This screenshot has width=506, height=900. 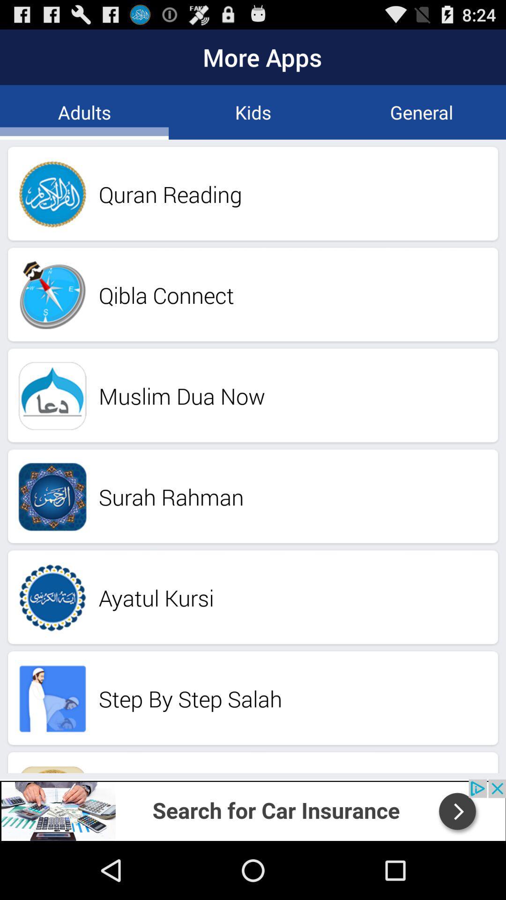 I want to click on click the search bar, so click(x=253, y=810).